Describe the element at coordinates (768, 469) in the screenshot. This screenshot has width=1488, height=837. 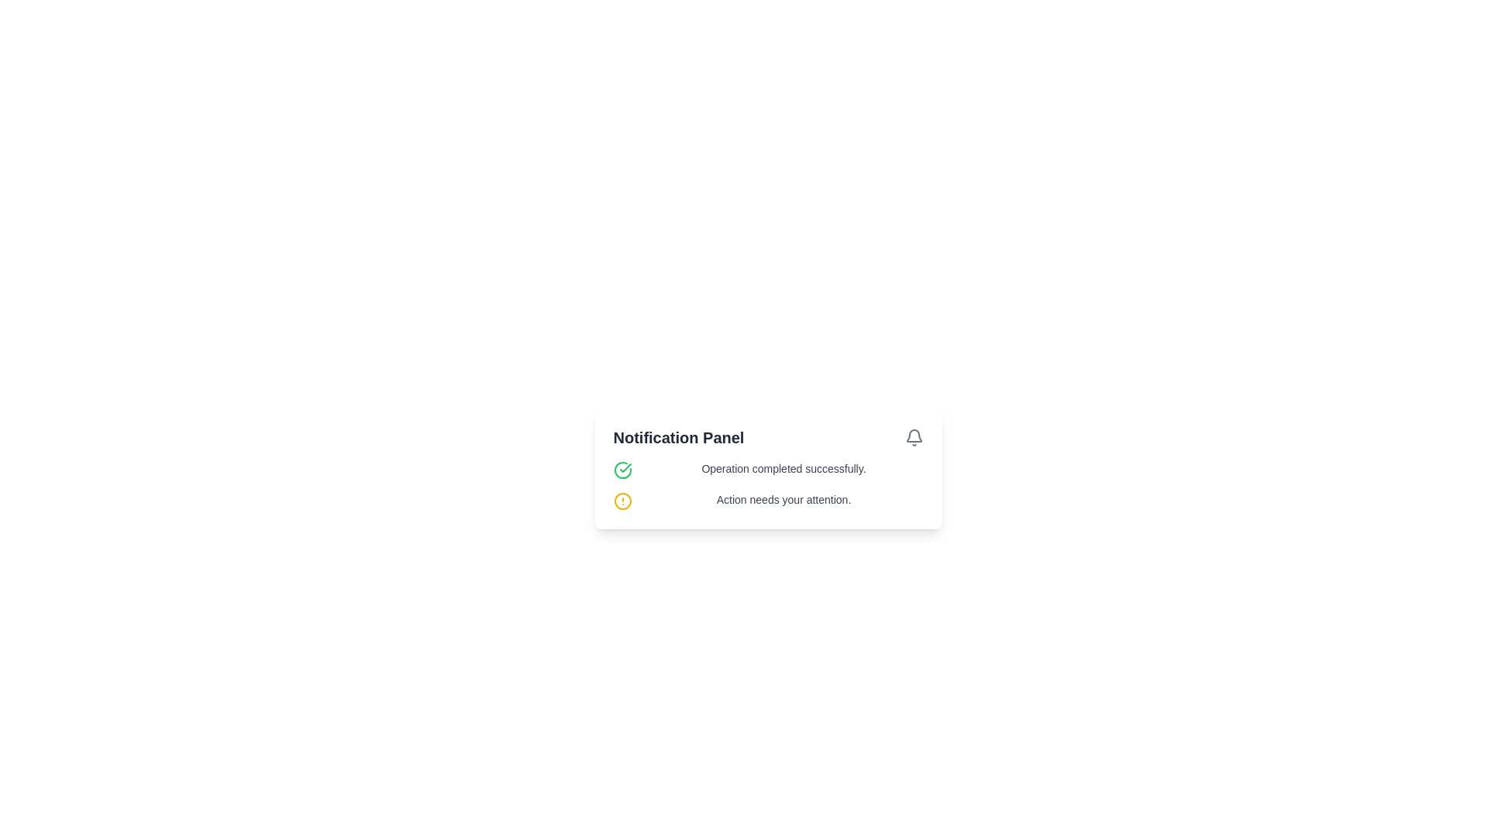
I see `the first notification item in the notification panel, which provides visual and textual feedback for a successful operation` at that location.